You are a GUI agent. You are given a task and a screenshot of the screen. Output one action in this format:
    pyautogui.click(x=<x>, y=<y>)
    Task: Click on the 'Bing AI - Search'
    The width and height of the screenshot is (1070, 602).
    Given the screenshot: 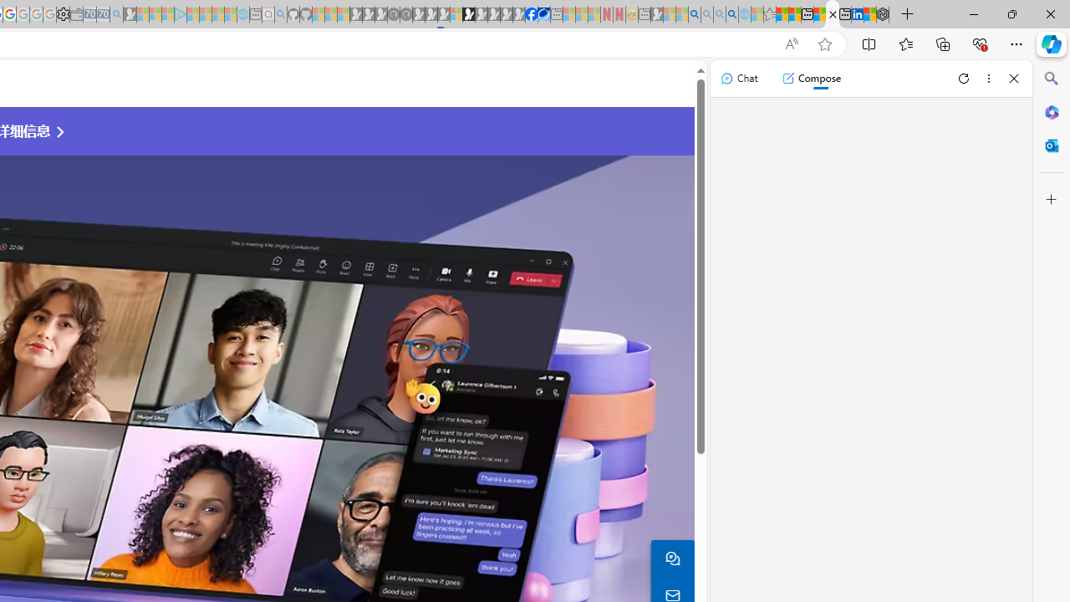 What is the action you would take?
    pyautogui.click(x=695, y=14)
    